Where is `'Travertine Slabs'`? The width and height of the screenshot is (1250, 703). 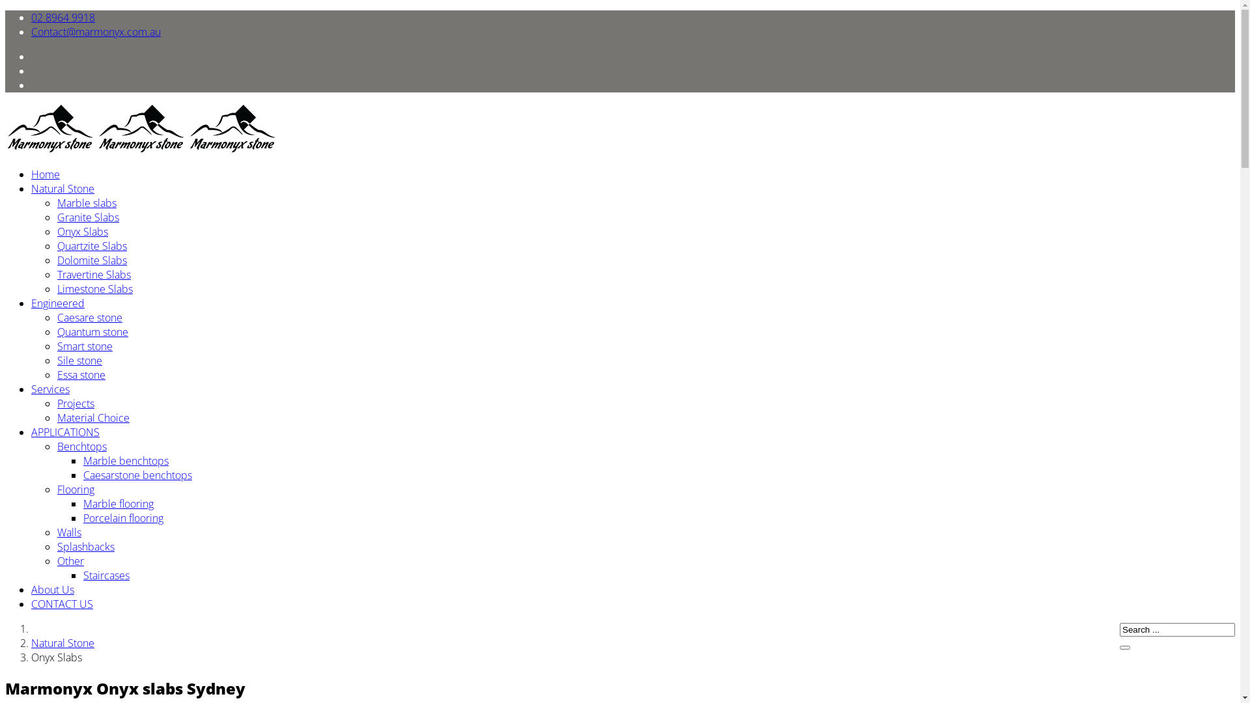
'Travertine Slabs' is located at coordinates (93, 273).